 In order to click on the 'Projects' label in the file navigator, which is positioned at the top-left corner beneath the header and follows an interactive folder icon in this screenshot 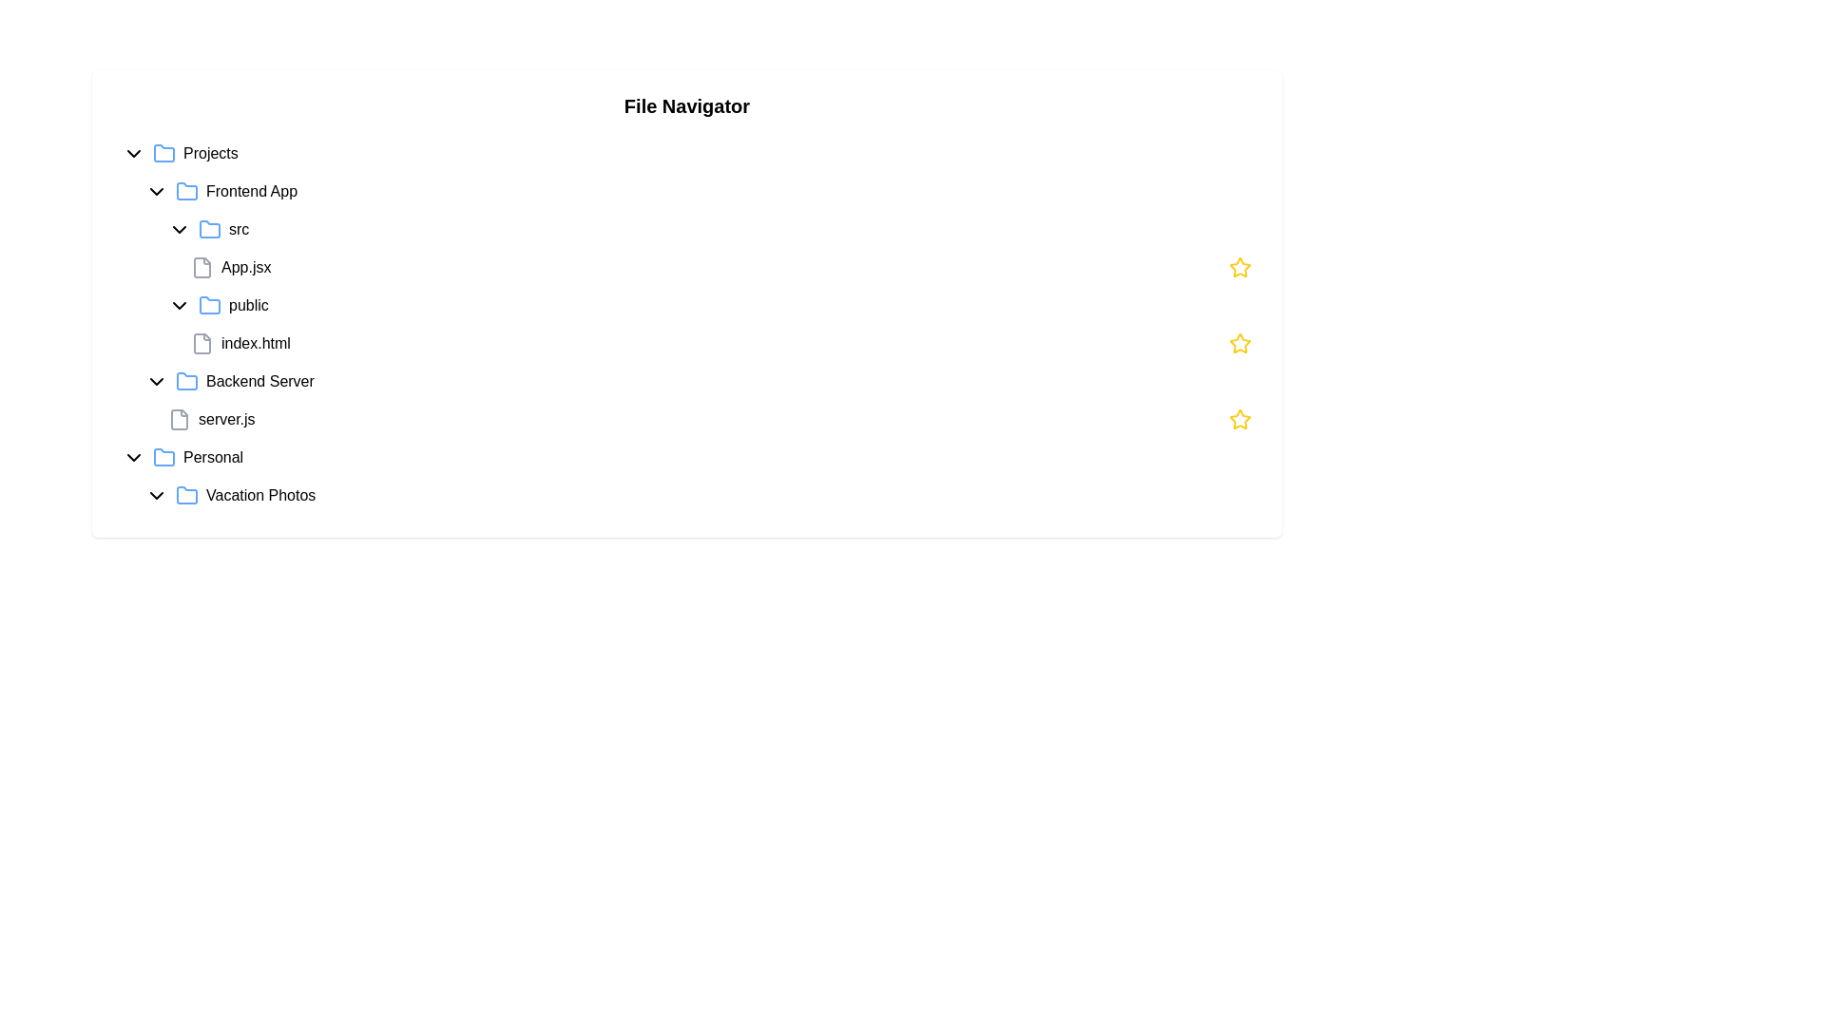, I will do `click(210, 153)`.